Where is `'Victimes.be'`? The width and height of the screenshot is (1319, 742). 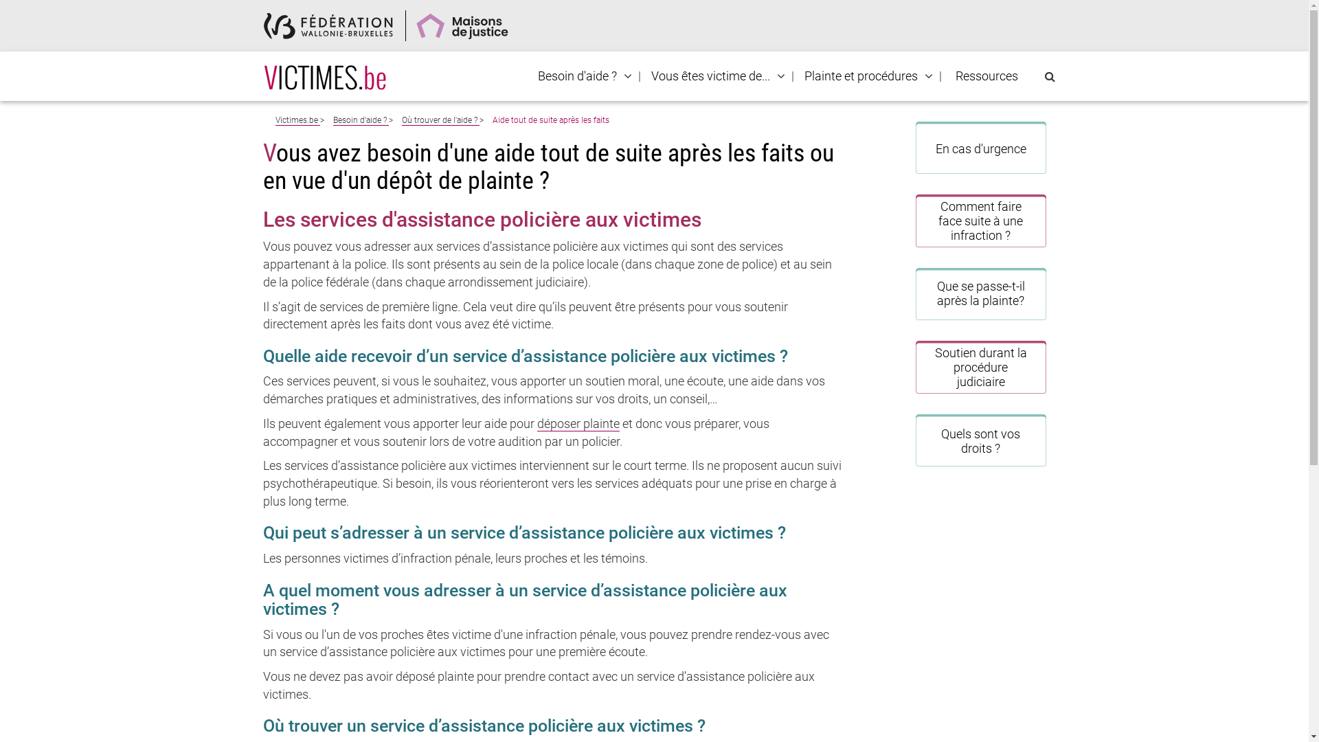 'Victimes.be' is located at coordinates (296, 120).